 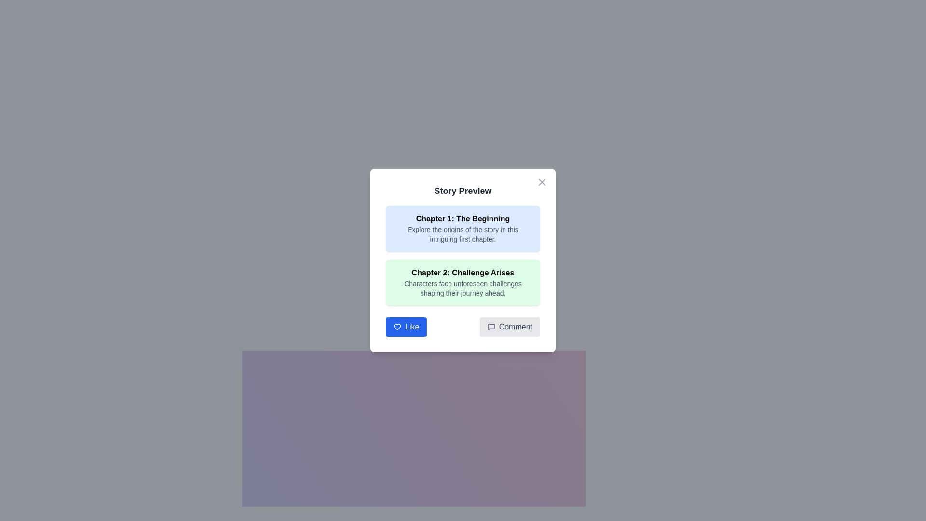 I want to click on the heart-shaped icon within the blue 'Like' button, which is located next to the 'Comment' button in the lower-left portion of the pop-up modal, so click(x=397, y=327).